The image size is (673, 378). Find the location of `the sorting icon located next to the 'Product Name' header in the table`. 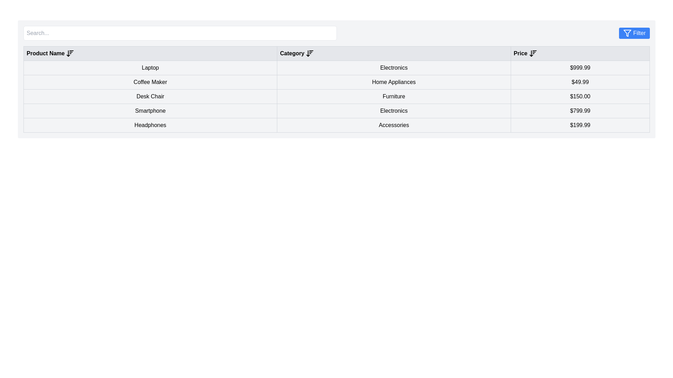

the sorting icon located next to the 'Product Name' header in the table is located at coordinates (70, 53).